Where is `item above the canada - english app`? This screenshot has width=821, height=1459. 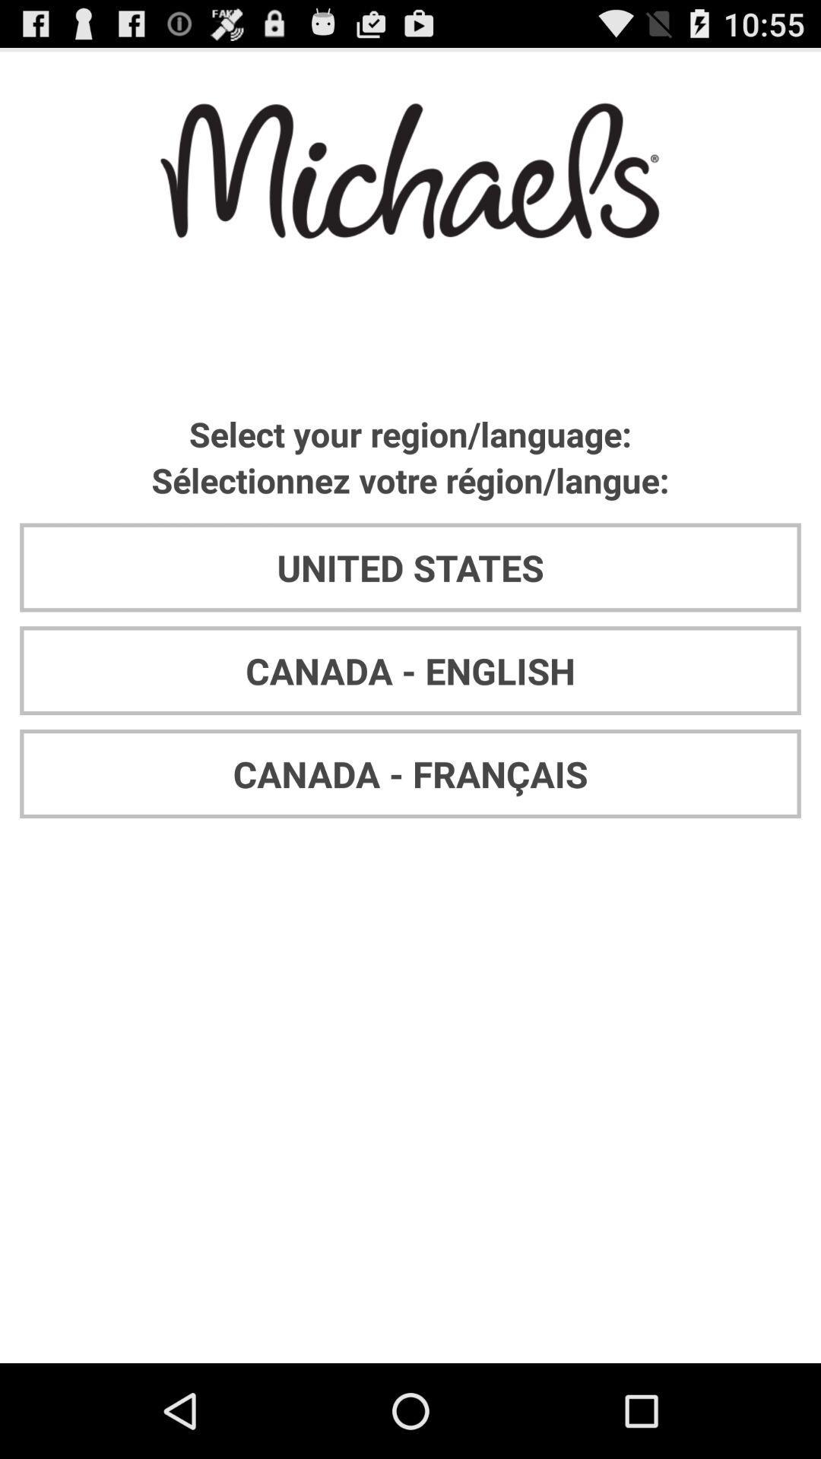
item above the canada - english app is located at coordinates (410, 567).